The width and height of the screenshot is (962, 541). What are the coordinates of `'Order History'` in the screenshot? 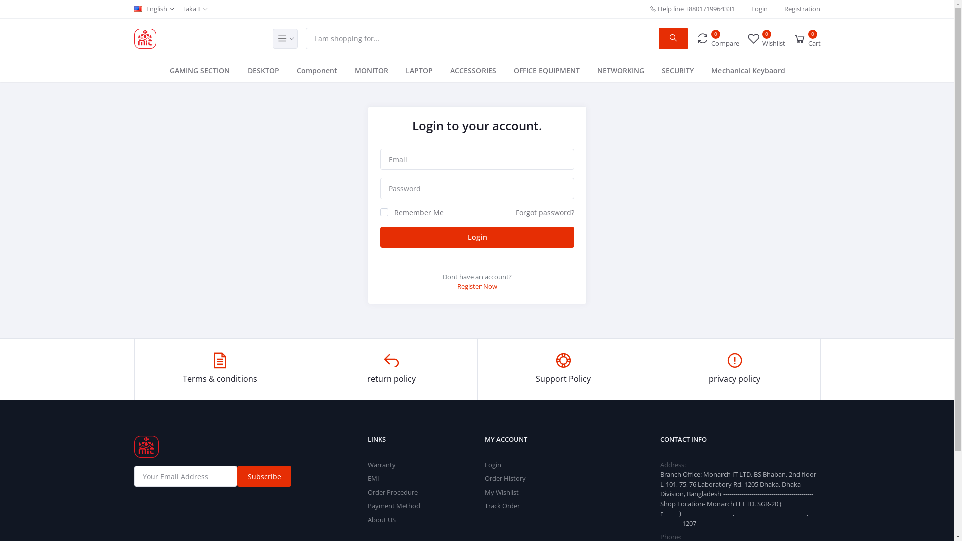 It's located at (505, 478).